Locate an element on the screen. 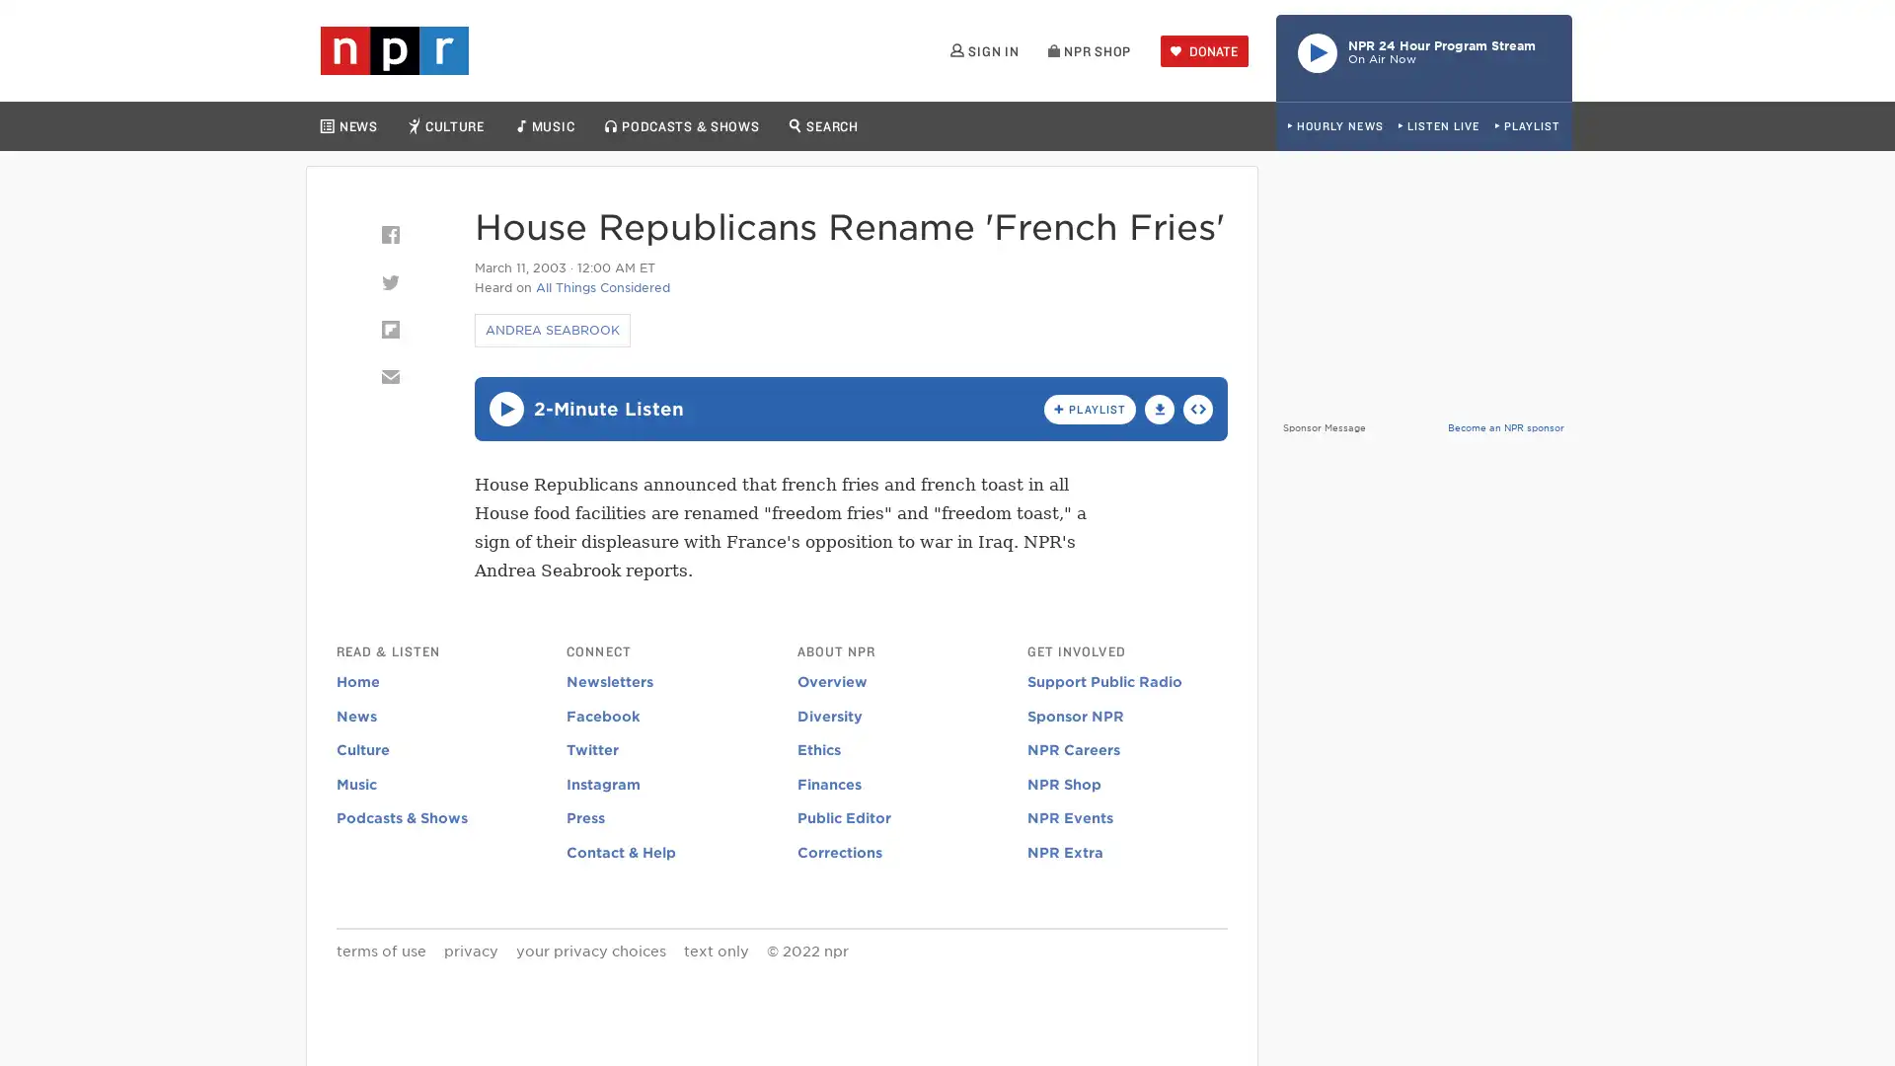 This screenshot has height=1066, width=1895. LISTEN LIVE is located at coordinates (1438, 126).